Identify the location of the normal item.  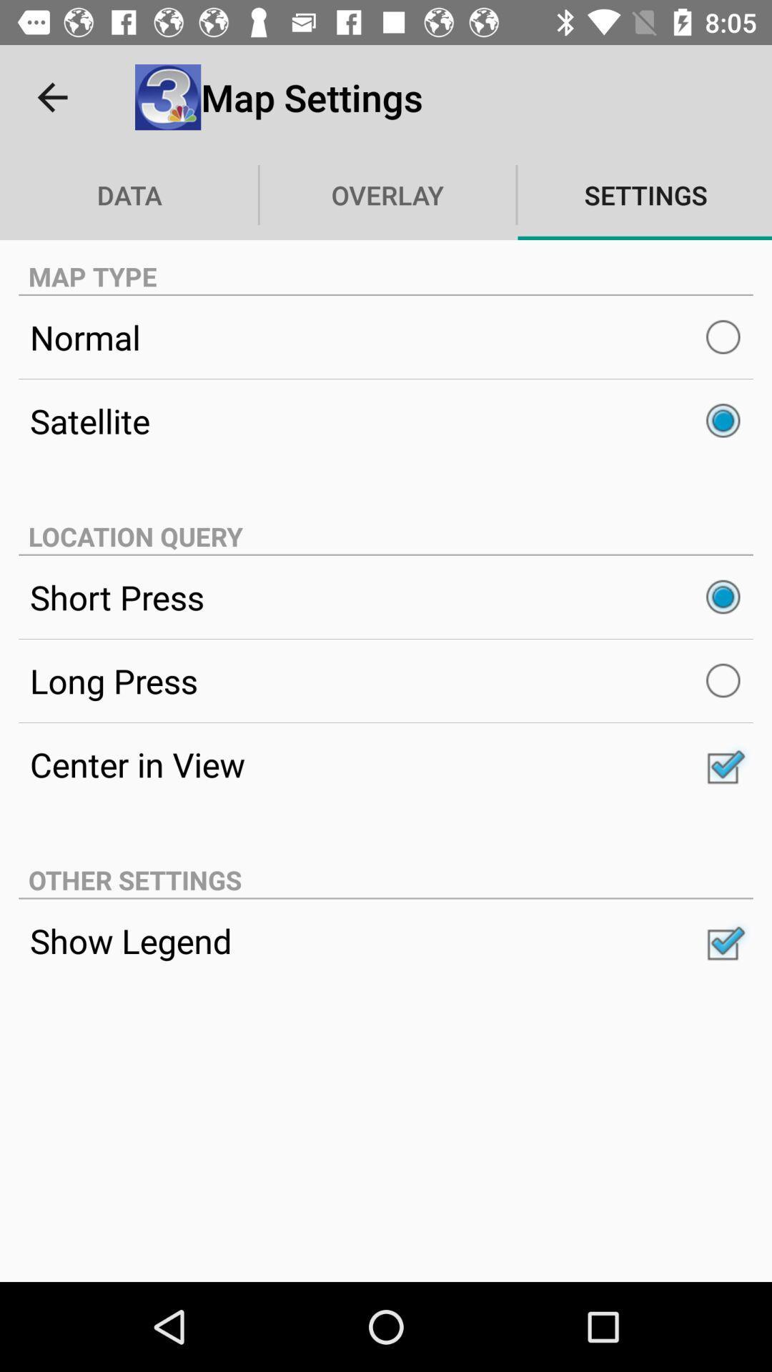
(386, 337).